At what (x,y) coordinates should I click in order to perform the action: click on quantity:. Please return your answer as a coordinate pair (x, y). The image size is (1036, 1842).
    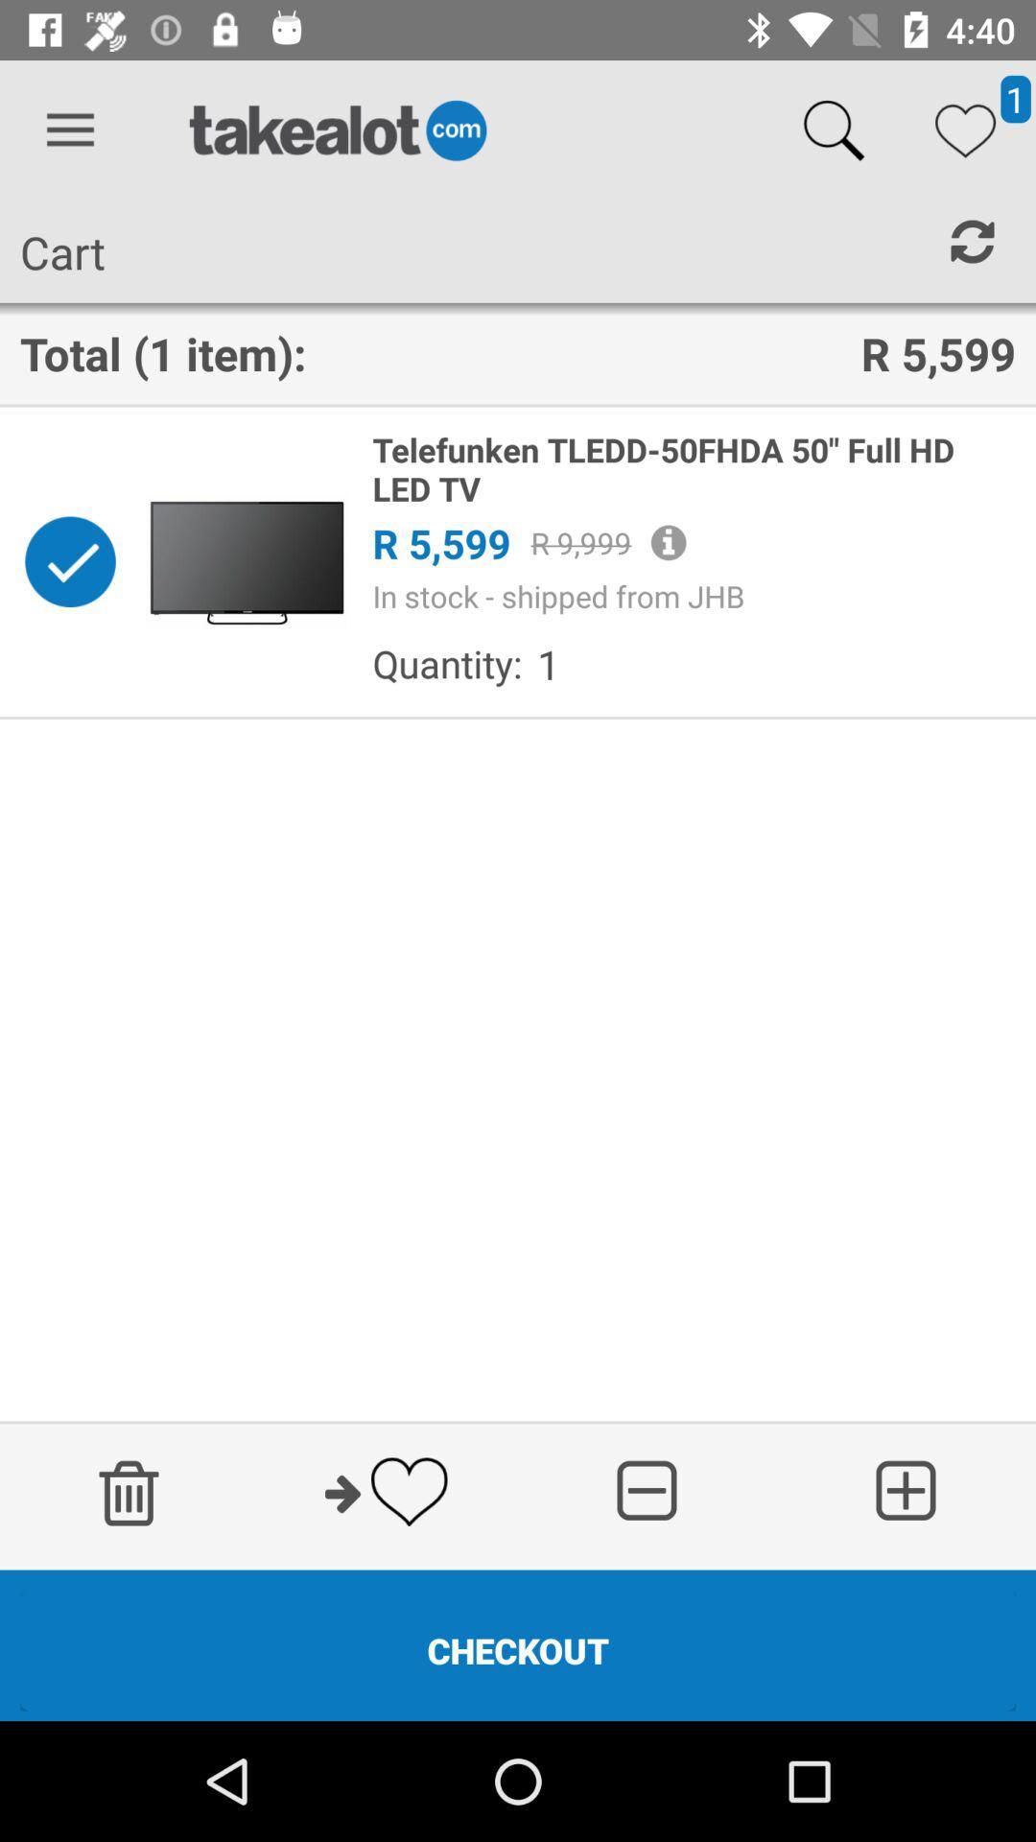
    Looking at the image, I should click on (447, 663).